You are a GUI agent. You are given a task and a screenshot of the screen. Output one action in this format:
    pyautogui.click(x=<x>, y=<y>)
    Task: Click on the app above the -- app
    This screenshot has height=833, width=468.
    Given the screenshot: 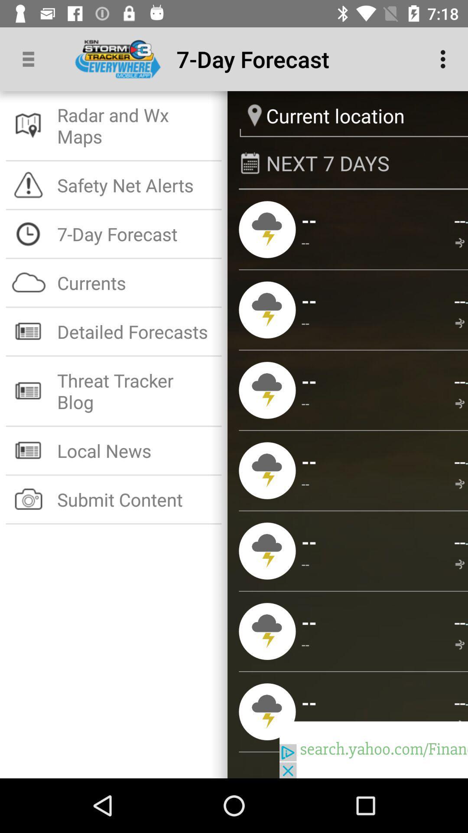 What is the action you would take?
    pyautogui.click(x=459, y=702)
    